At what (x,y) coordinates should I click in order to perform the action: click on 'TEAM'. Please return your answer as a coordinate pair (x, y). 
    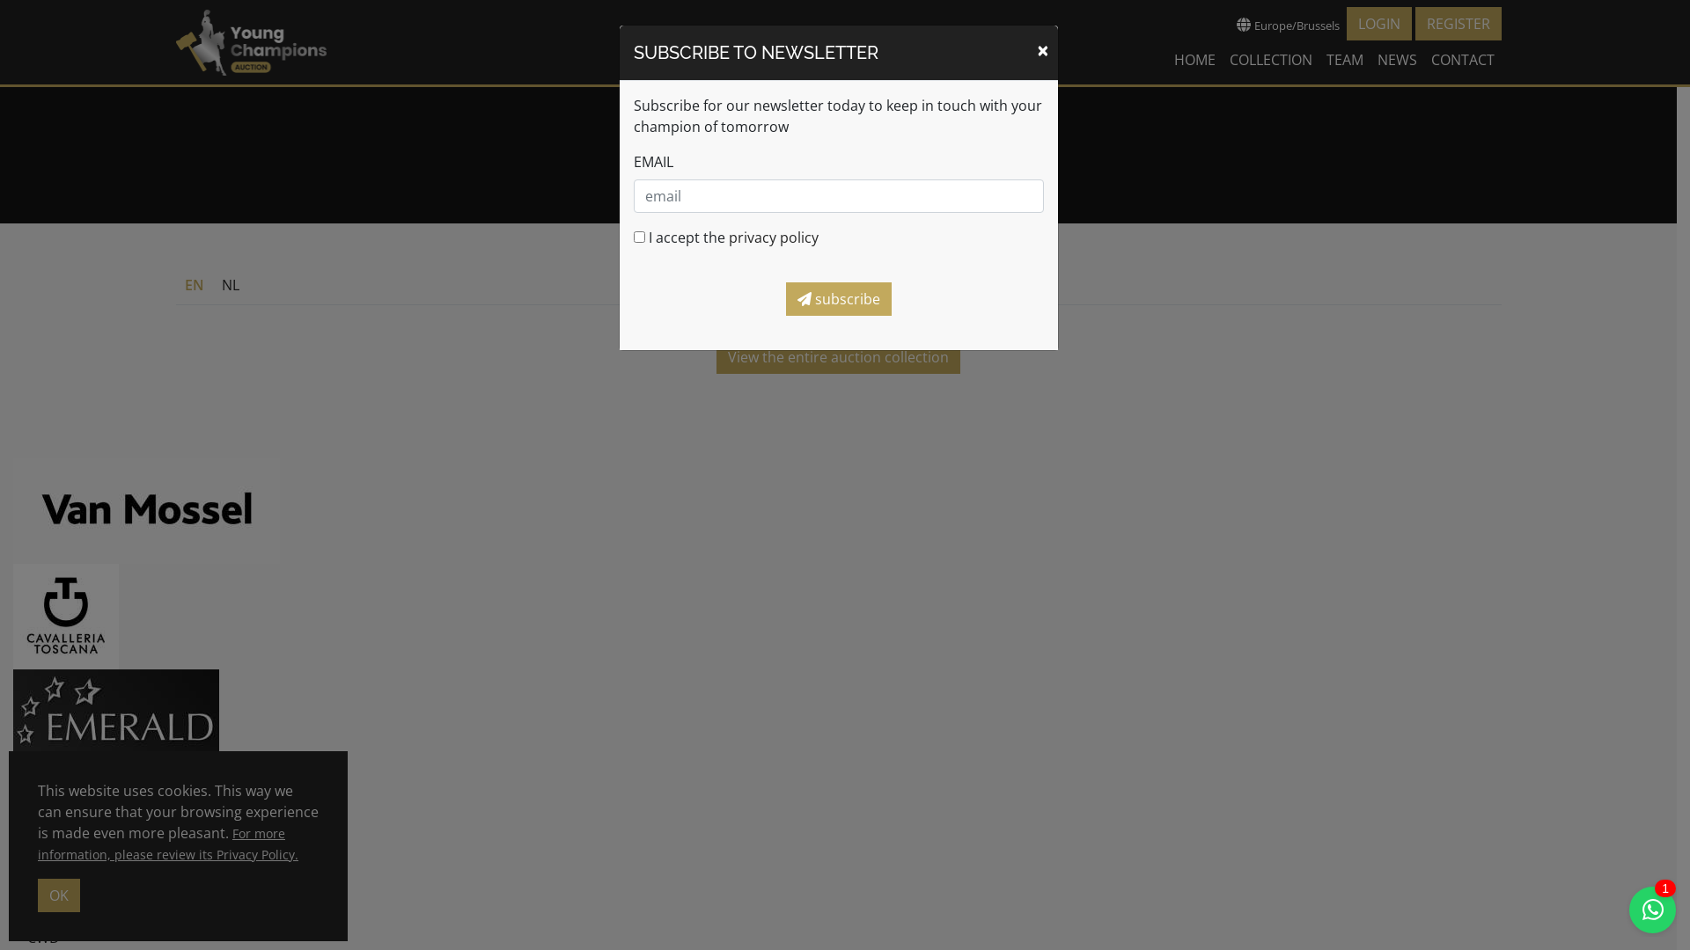
    Looking at the image, I should click on (1342, 59).